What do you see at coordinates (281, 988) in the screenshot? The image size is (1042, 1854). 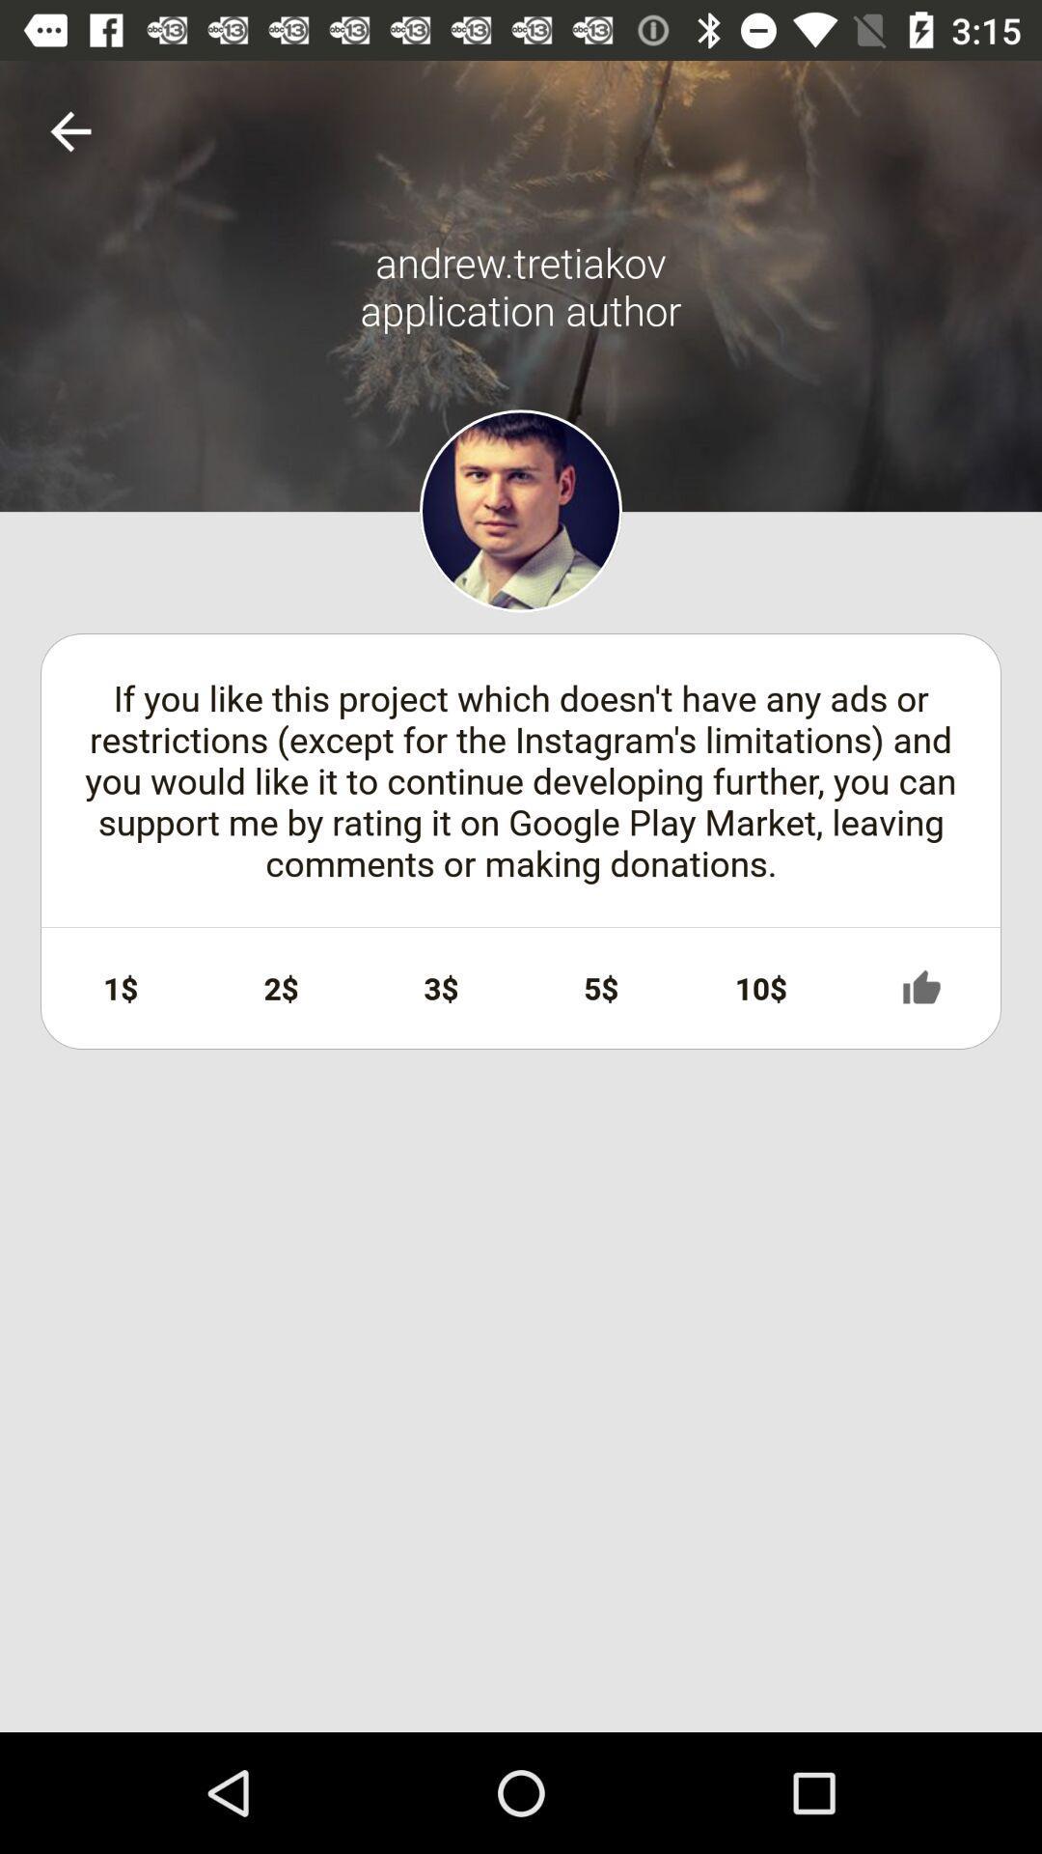 I see `the icon below the if you like` at bounding box center [281, 988].